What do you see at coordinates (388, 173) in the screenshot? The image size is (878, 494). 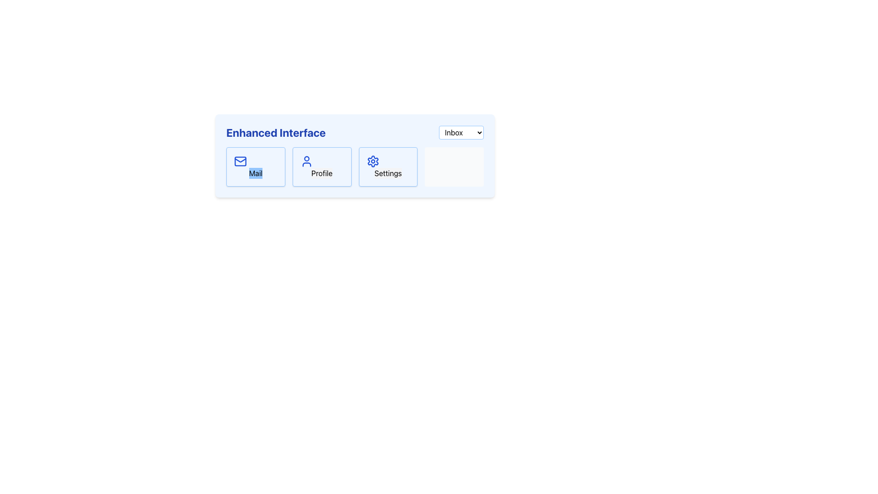 I see `the 'Settings' button, which is a rectangular button with a light gray background and a gear icon` at bounding box center [388, 173].